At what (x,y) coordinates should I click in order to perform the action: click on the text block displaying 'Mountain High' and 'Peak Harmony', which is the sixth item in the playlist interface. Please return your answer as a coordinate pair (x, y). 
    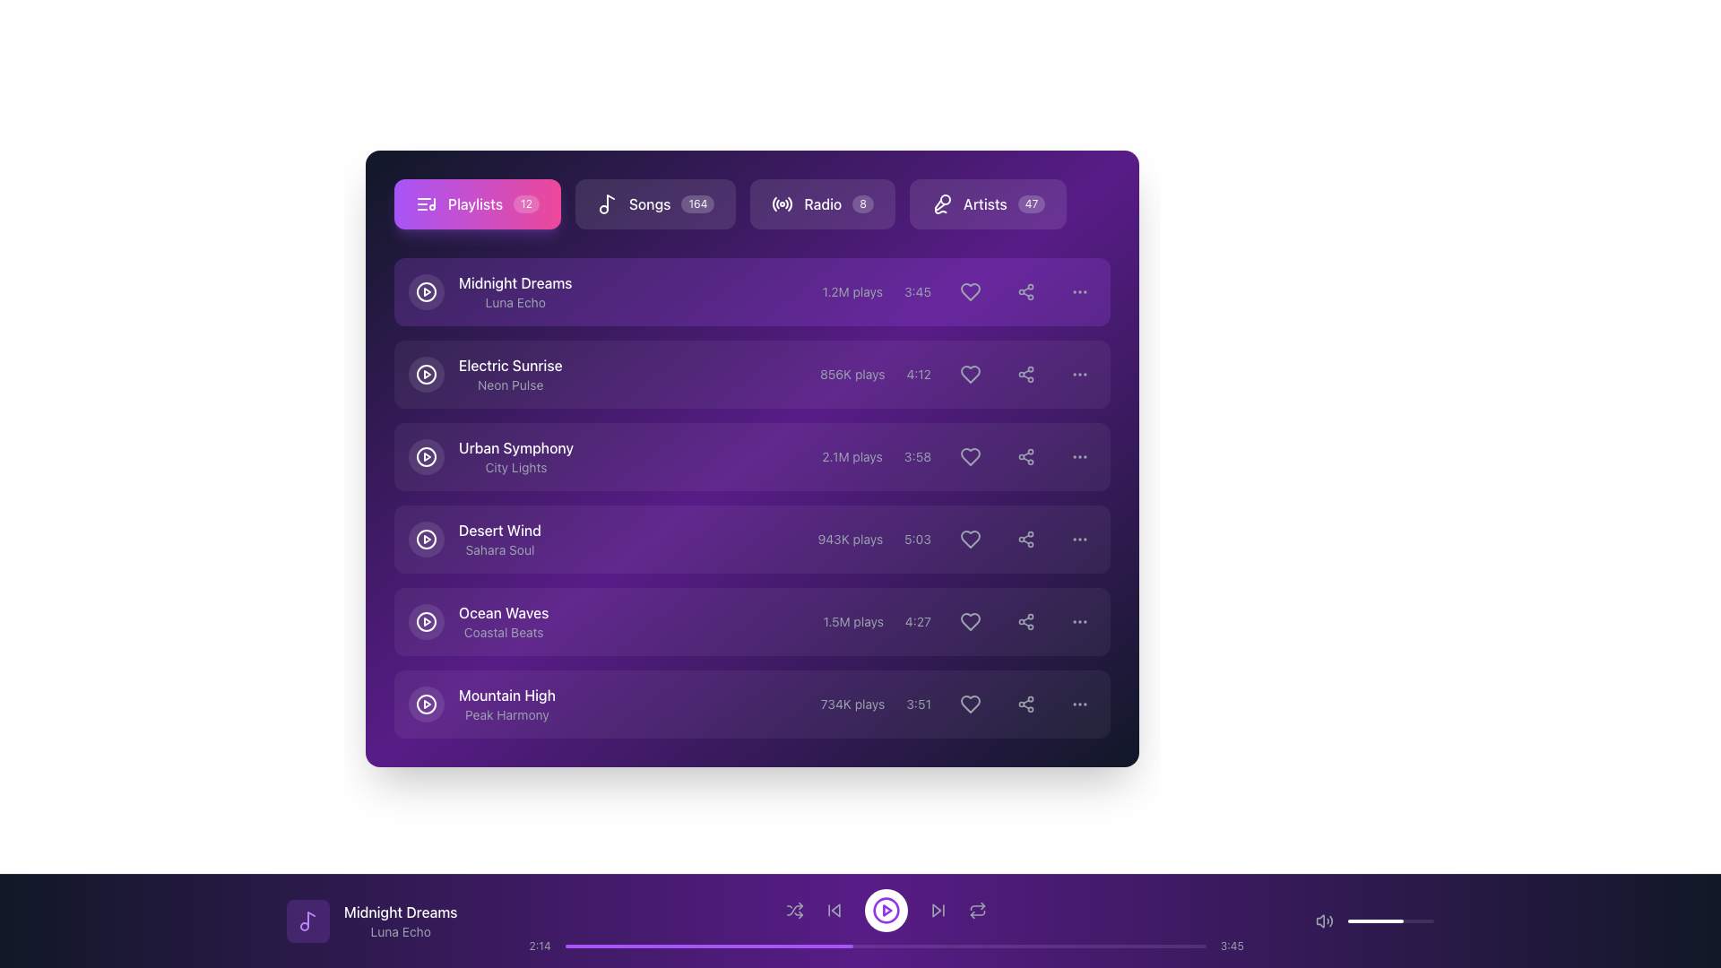
    Looking at the image, I should click on (481, 704).